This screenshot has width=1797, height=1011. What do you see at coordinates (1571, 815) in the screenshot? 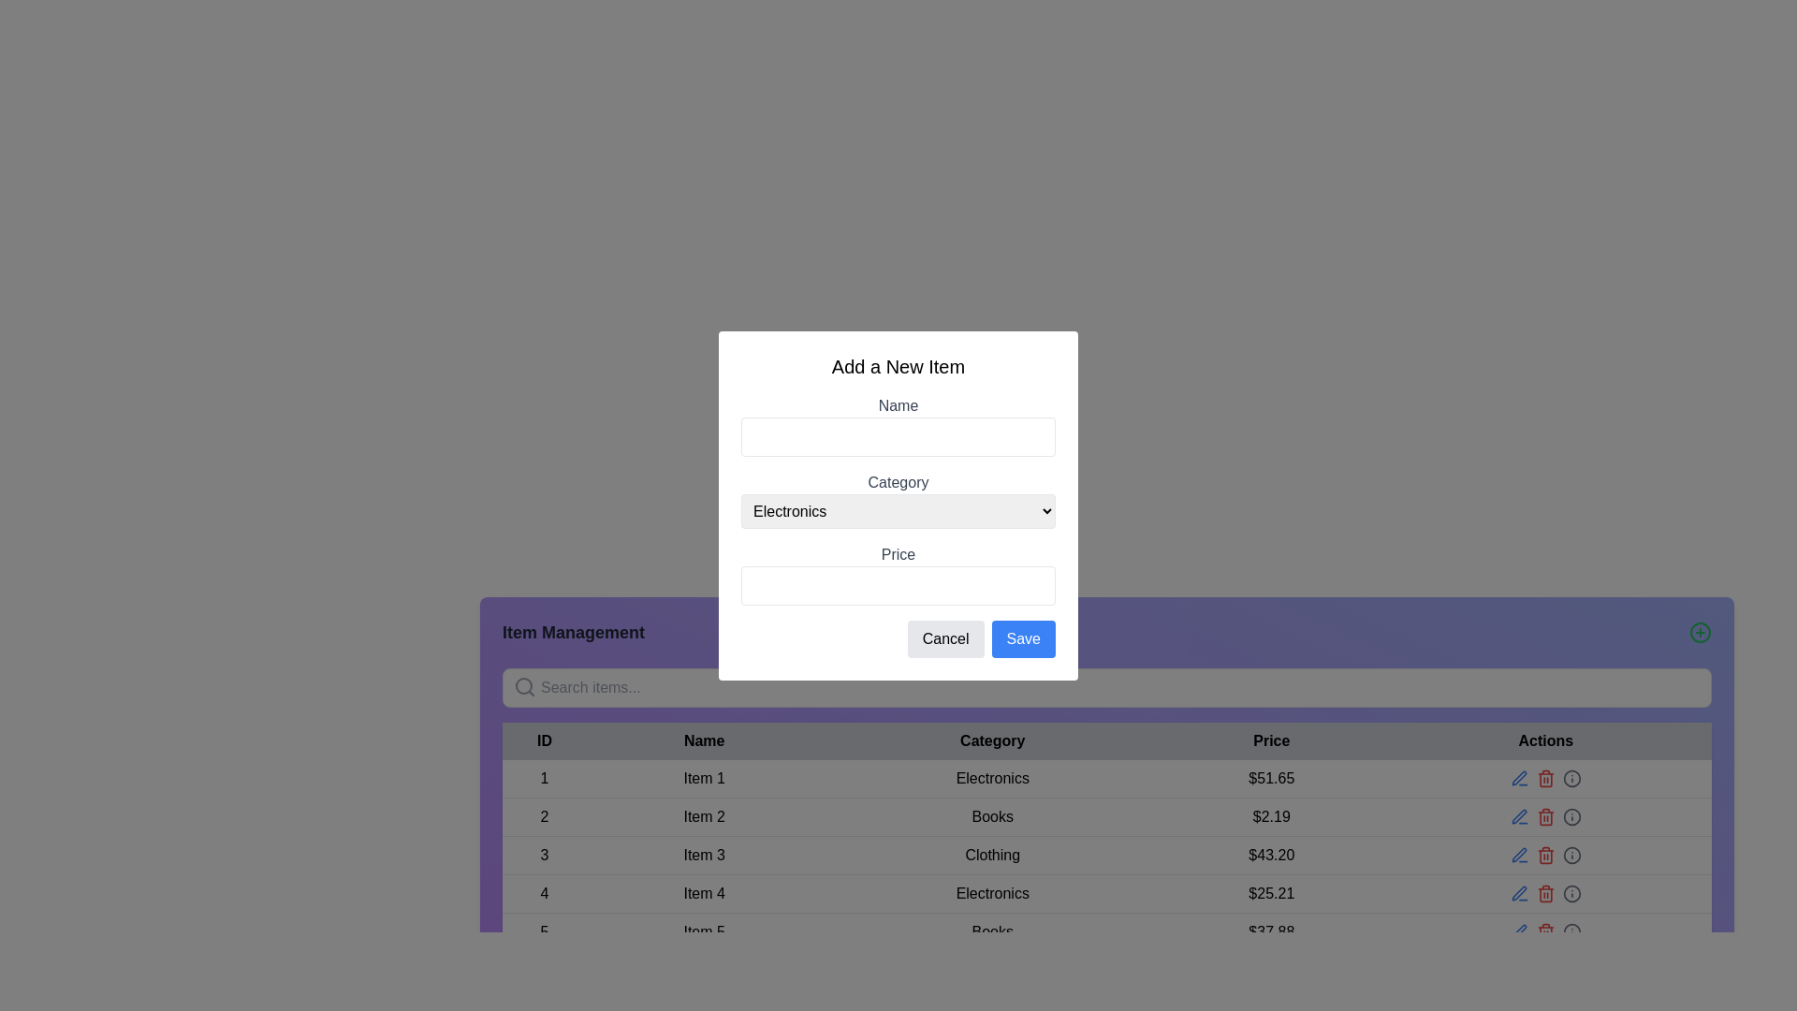
I see `the circular icon button located in the 'Actions' column of the data table for the second item in the list` at bounding box center [1571, 815].